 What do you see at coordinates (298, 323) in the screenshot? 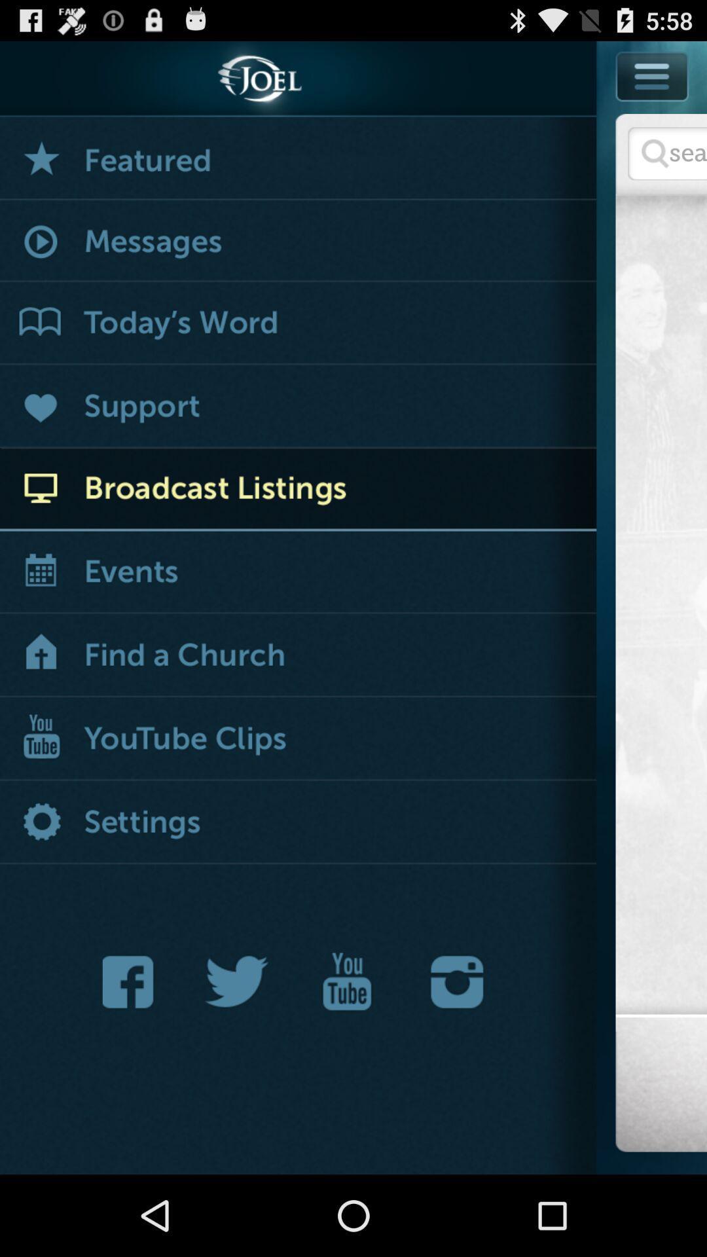
I see `see the word of the day` at bounding box center [298, 323].